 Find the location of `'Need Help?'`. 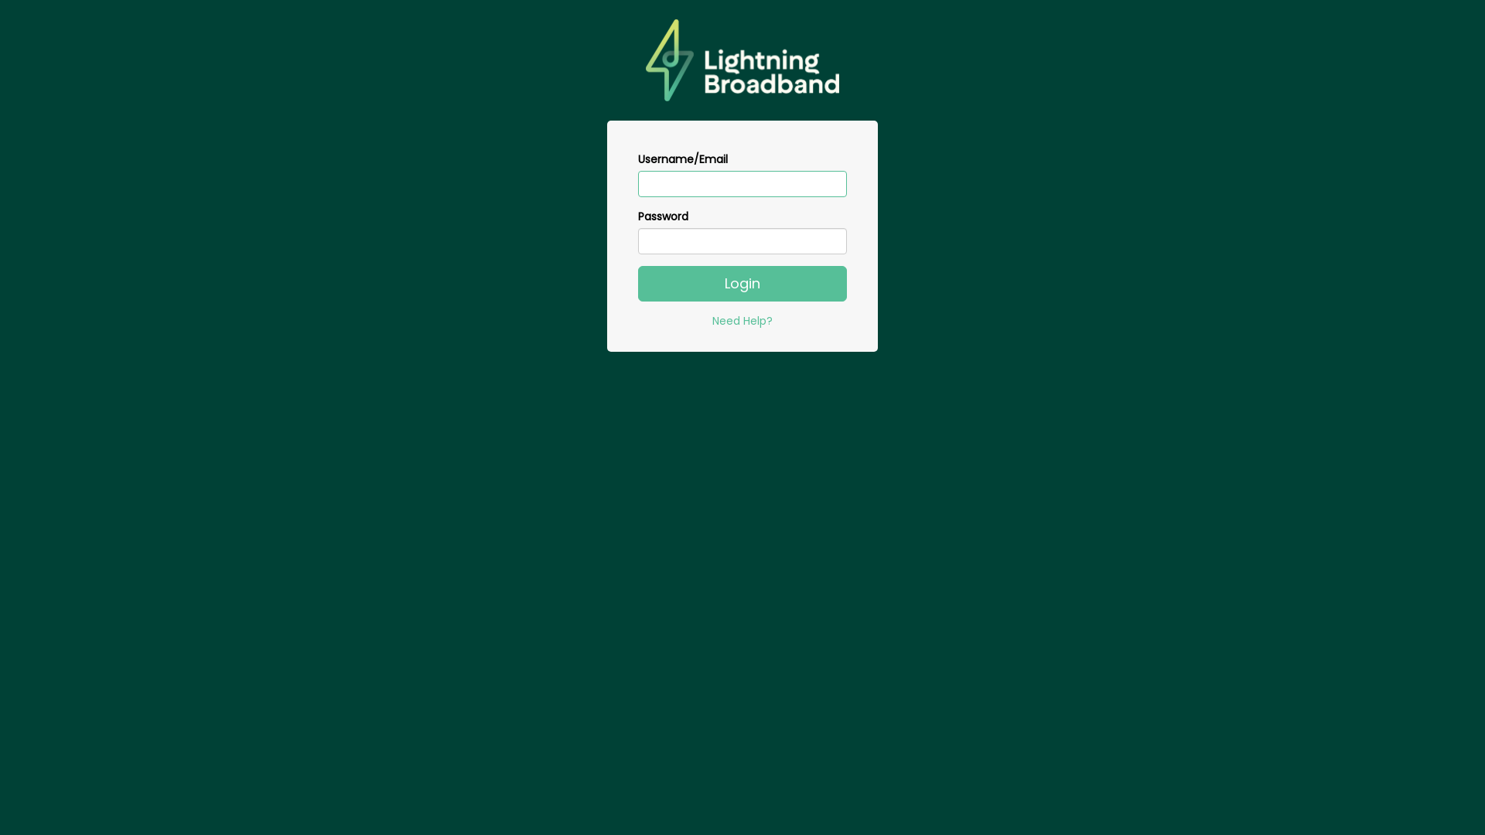

'Need Help?' is located at coordinates (712, 320).